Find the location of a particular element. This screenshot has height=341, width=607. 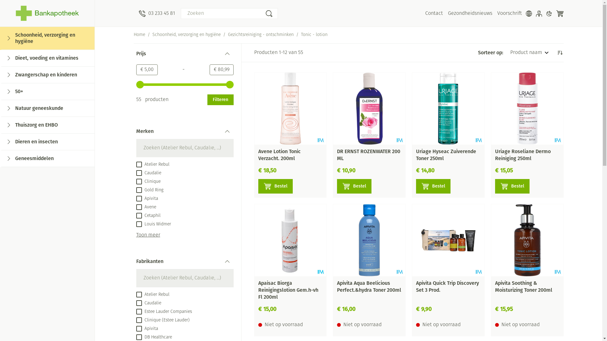

'Apivita Aqua Beelicious Perfect.&hydra Toner 200ml' is located at coordinates (369, 286).